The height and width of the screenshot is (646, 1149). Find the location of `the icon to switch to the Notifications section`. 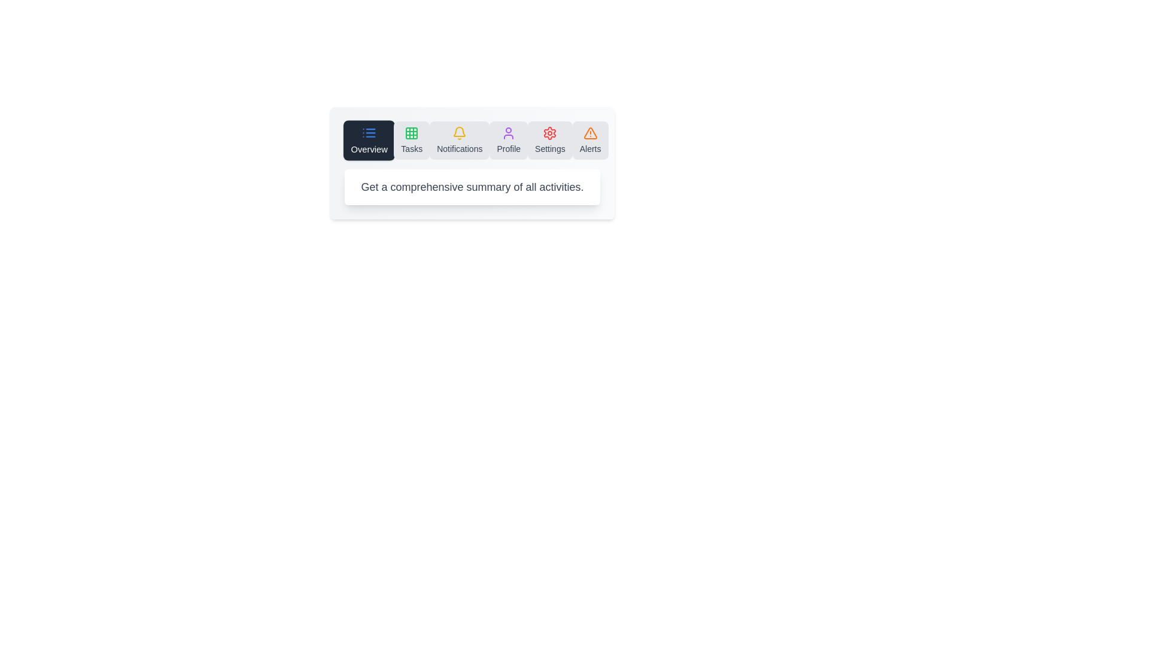

the icon to switch to the Notifications section is located at coordinates (459, 140).